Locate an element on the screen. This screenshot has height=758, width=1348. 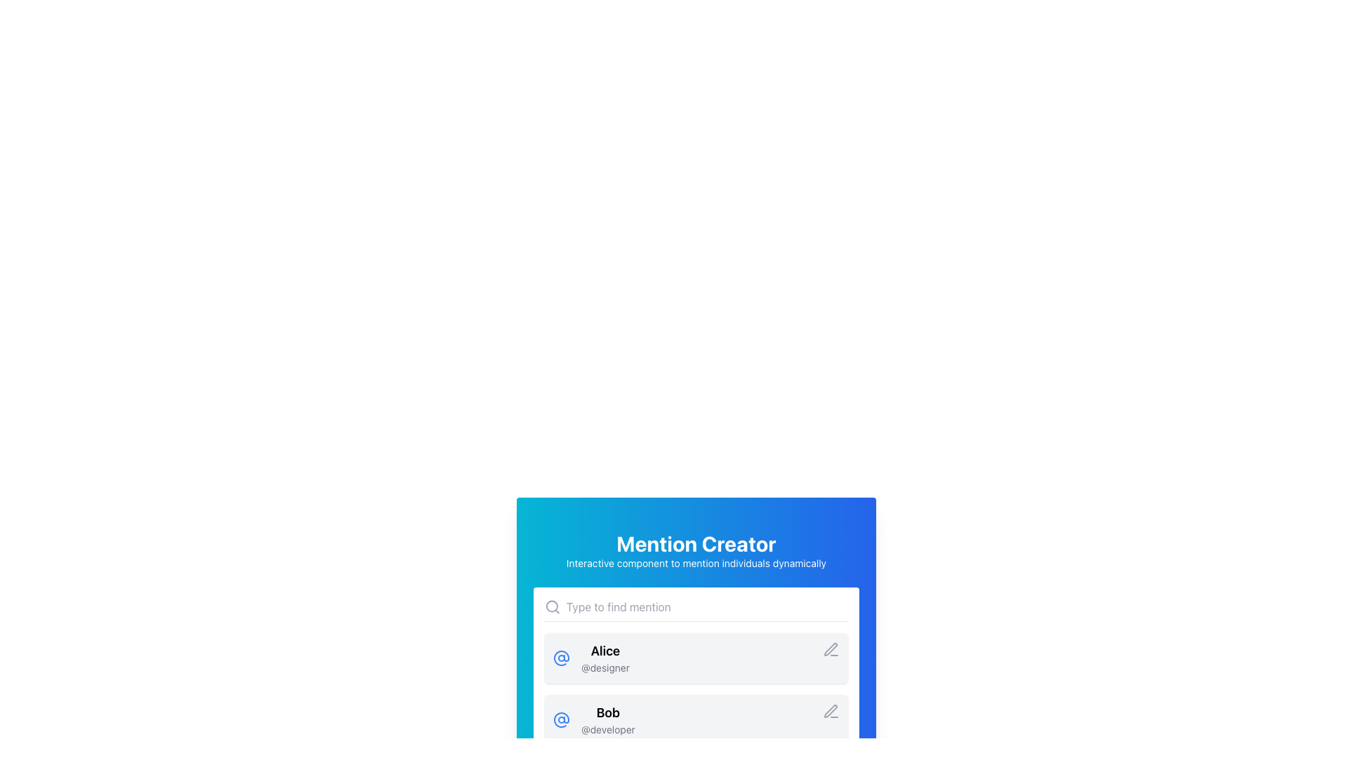
the text label that reads 'Interactive component to mention individuals dynamically', which is styled with white text on a gradient blue background and positioned below the heading 'Mention Creator' is located at coordinates (696, 562).